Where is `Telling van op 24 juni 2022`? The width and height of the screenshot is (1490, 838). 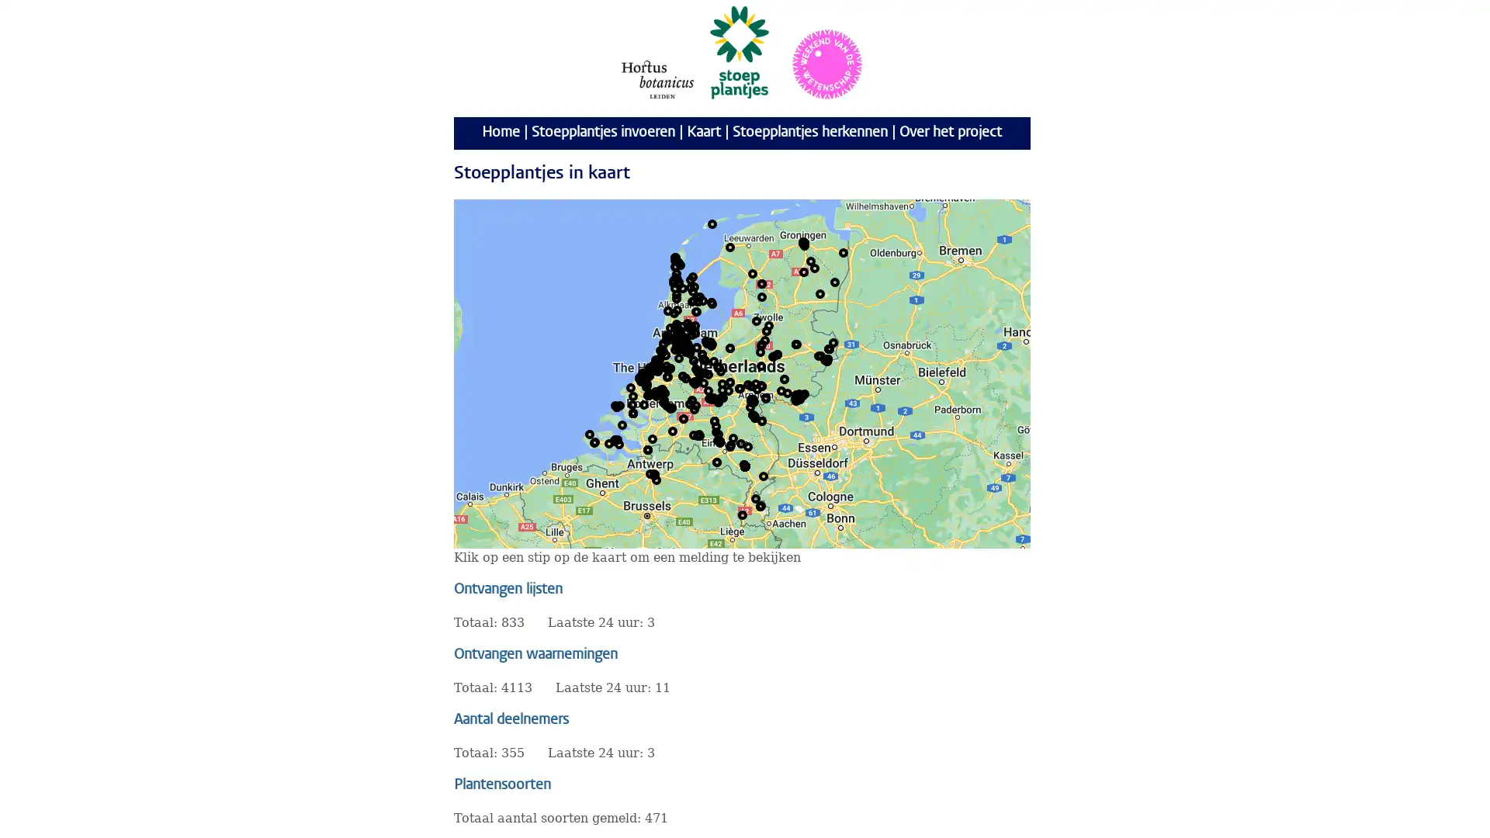
Telling van op 24 juni 2022 is located at coordinates (659, 358).